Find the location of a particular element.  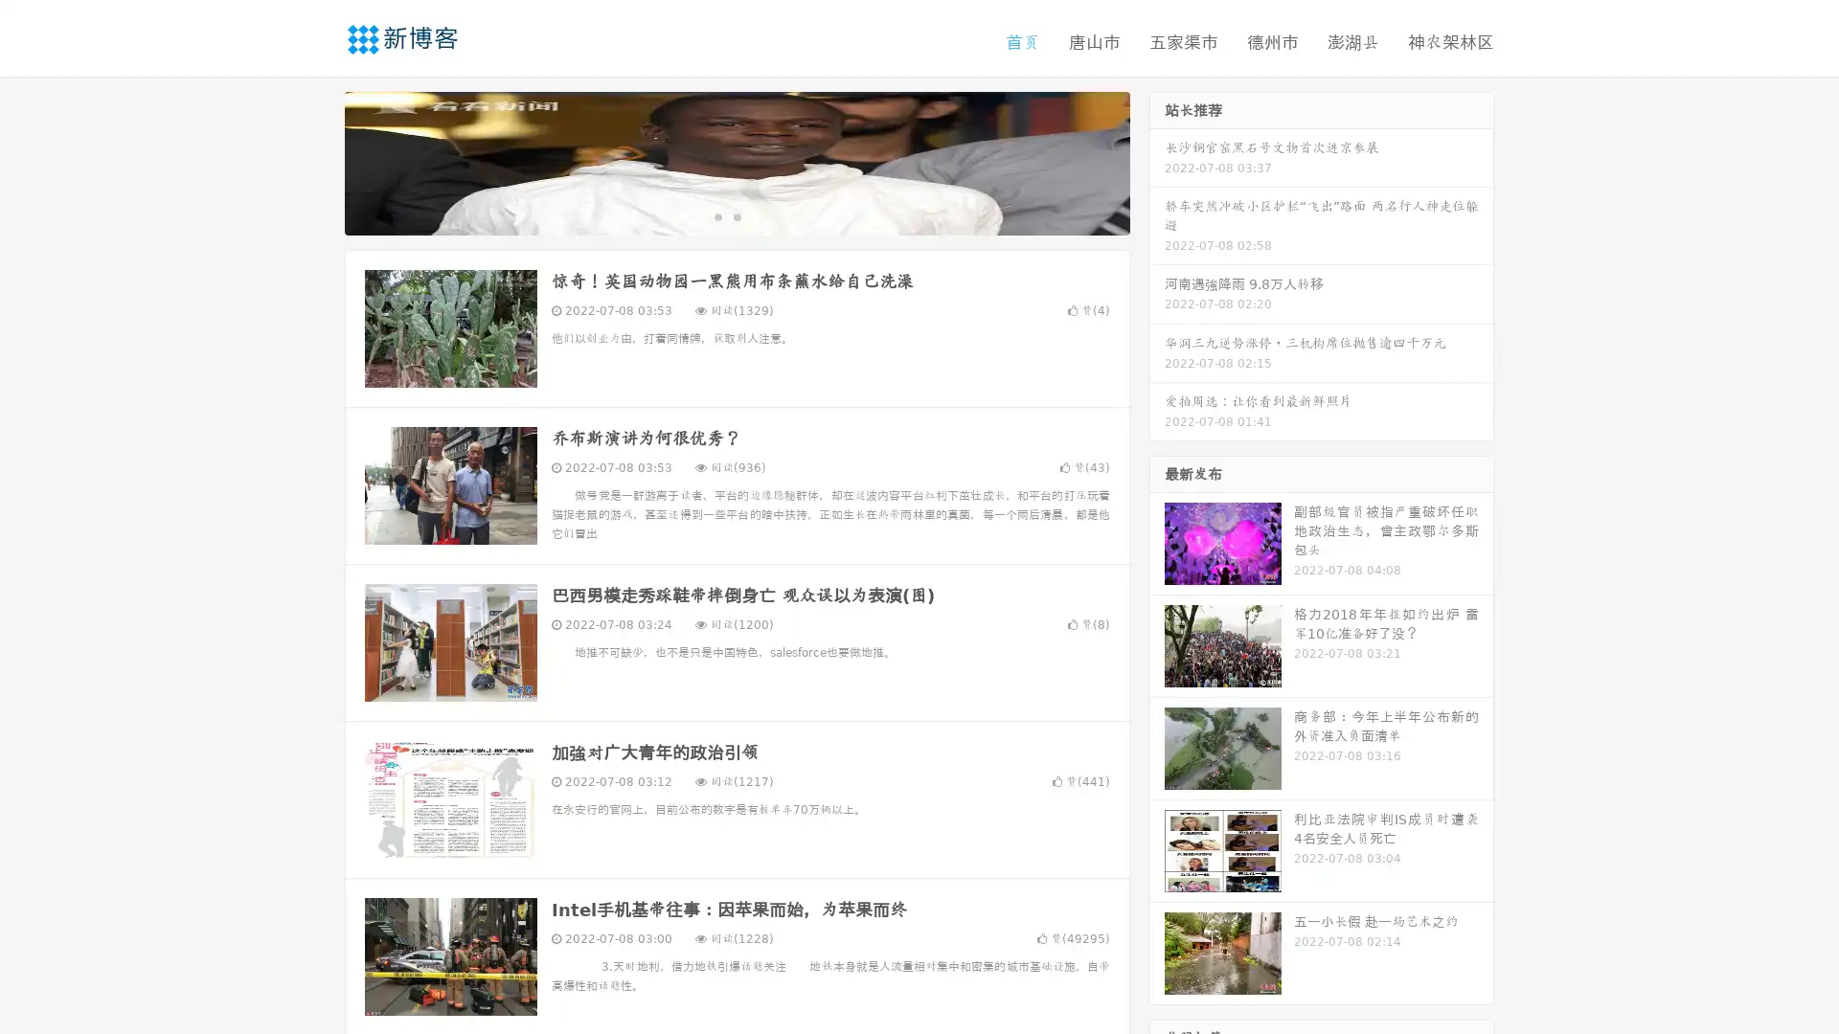

Go to slide 3 is located at coordinates (756, 215).